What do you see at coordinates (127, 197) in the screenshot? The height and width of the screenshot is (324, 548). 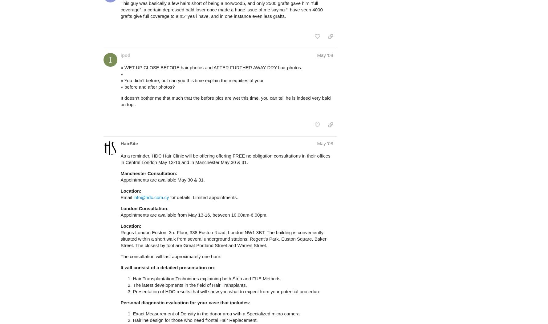 I see `'Email'` at bounding box center [127, 197].